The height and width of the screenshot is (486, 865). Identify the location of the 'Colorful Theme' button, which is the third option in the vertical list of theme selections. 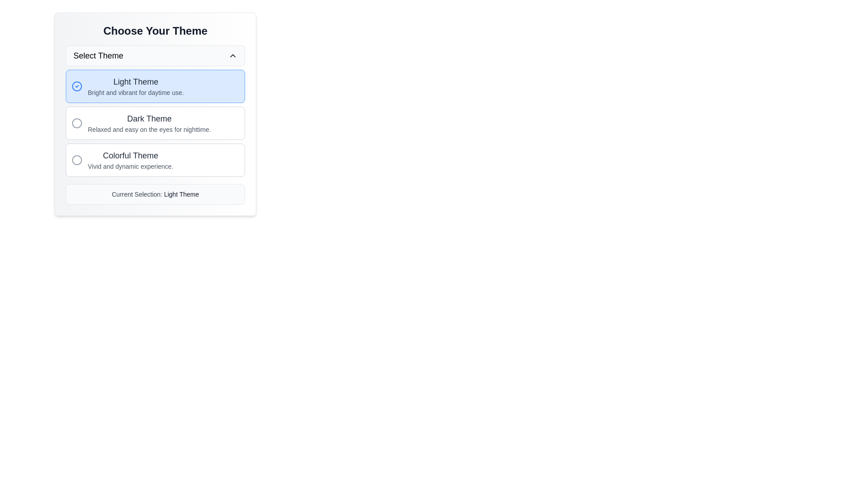
(130, 159).